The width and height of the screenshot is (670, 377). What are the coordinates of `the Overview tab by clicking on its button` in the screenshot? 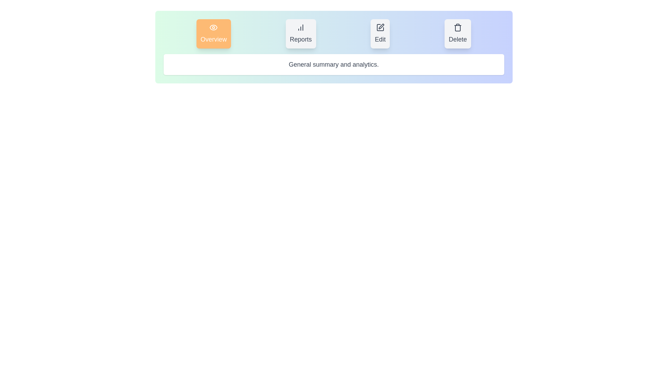 It's located at (213, 34).